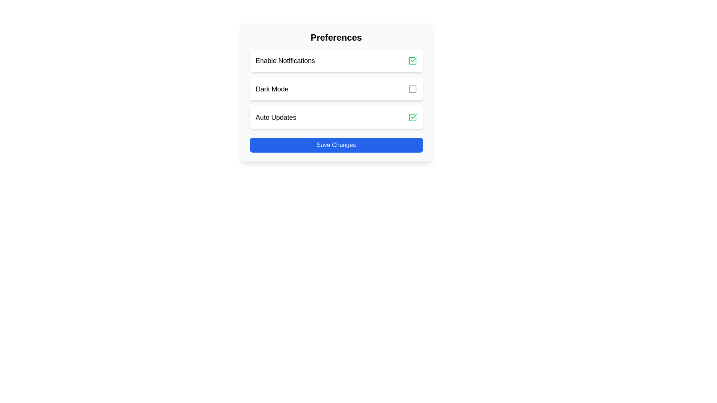  I want to click on the toggle options within the 'Preferences' settings card, which includes 'Enable Notifications', 'Dark Mode', and 'Auto Updates', so click(336, 91).